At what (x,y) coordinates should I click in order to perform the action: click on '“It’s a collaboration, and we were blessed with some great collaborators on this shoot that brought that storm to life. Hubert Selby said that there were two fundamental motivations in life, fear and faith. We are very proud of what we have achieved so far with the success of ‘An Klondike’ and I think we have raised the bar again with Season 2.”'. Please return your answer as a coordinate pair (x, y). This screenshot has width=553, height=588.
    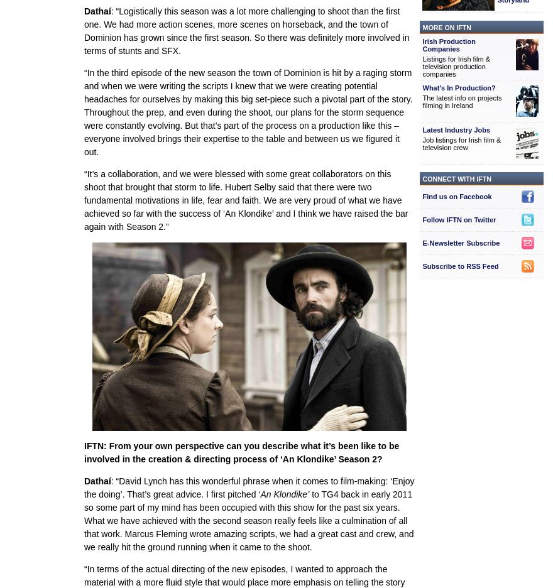
    Looking at the image, I should click on (245, 199).